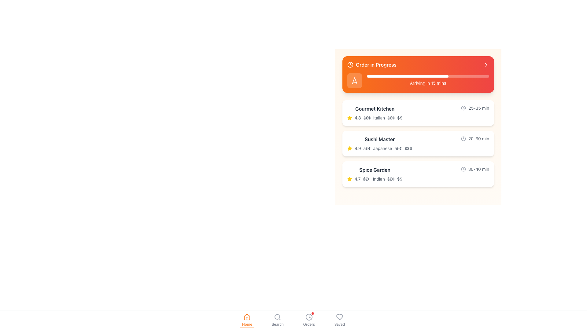 This screenshot has width=587, height=330. Describe the element at coordinates (375, 170) in the screenshot. I see `title 'Spice Garden' displayed in bold text as the primary focus in the restaurant card` at that location.